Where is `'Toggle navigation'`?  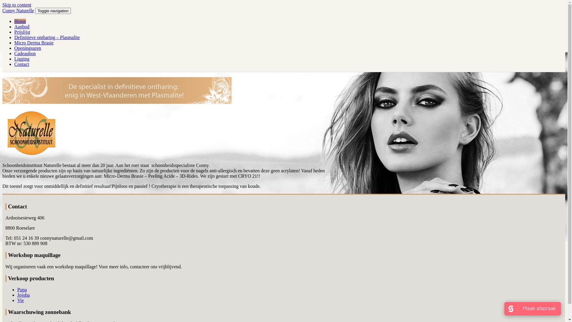 'Toggle navigation' is located at coordinates (53, 11).